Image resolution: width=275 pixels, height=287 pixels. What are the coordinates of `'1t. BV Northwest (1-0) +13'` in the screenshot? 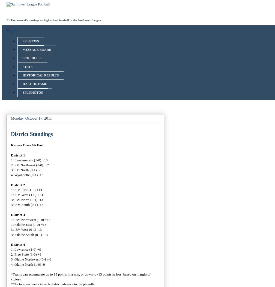 It's located at (30, 219).